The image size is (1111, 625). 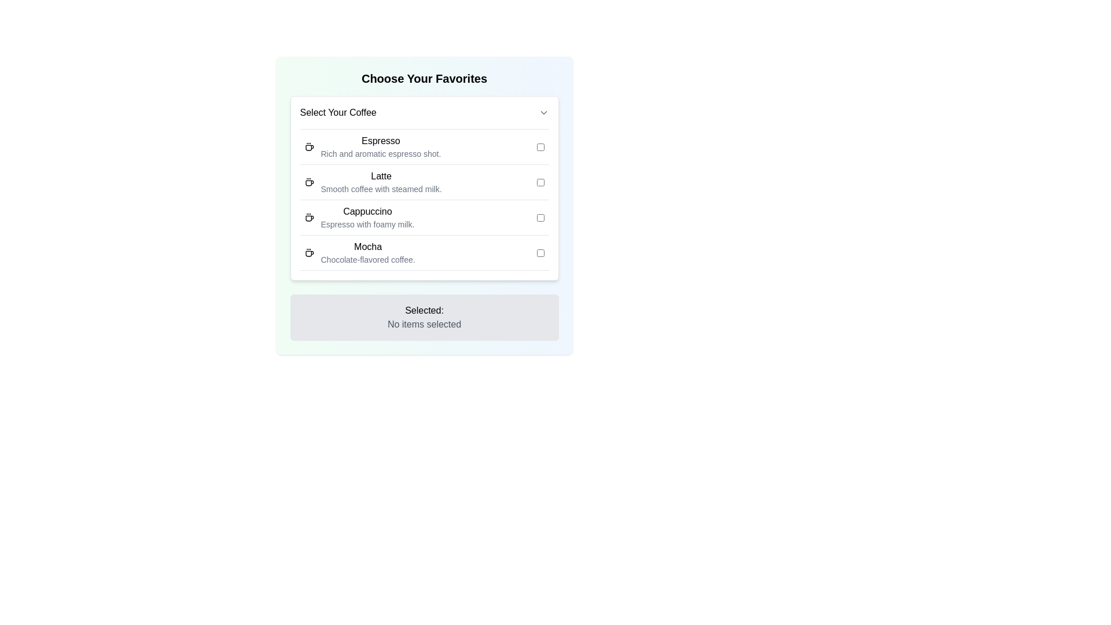 What do you see at coordinates (381, 153) in the screenshot?
I see `the static text label that provides additional information about the 'Espresso' coffee option, located directly below the main text 'Espresso' in the 'Choose Your Favorites' section` at bounding box center [381, 153].